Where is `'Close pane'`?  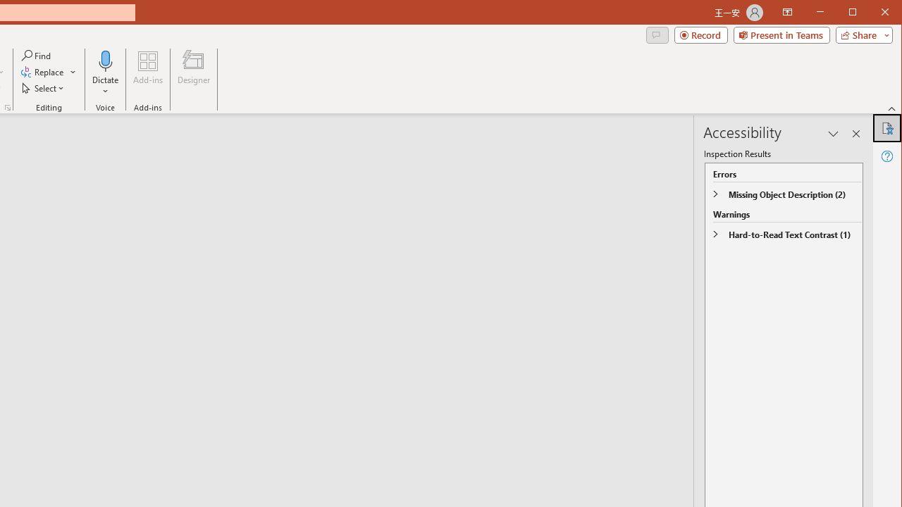
'Close pane' is located at coordinates (855, 134).